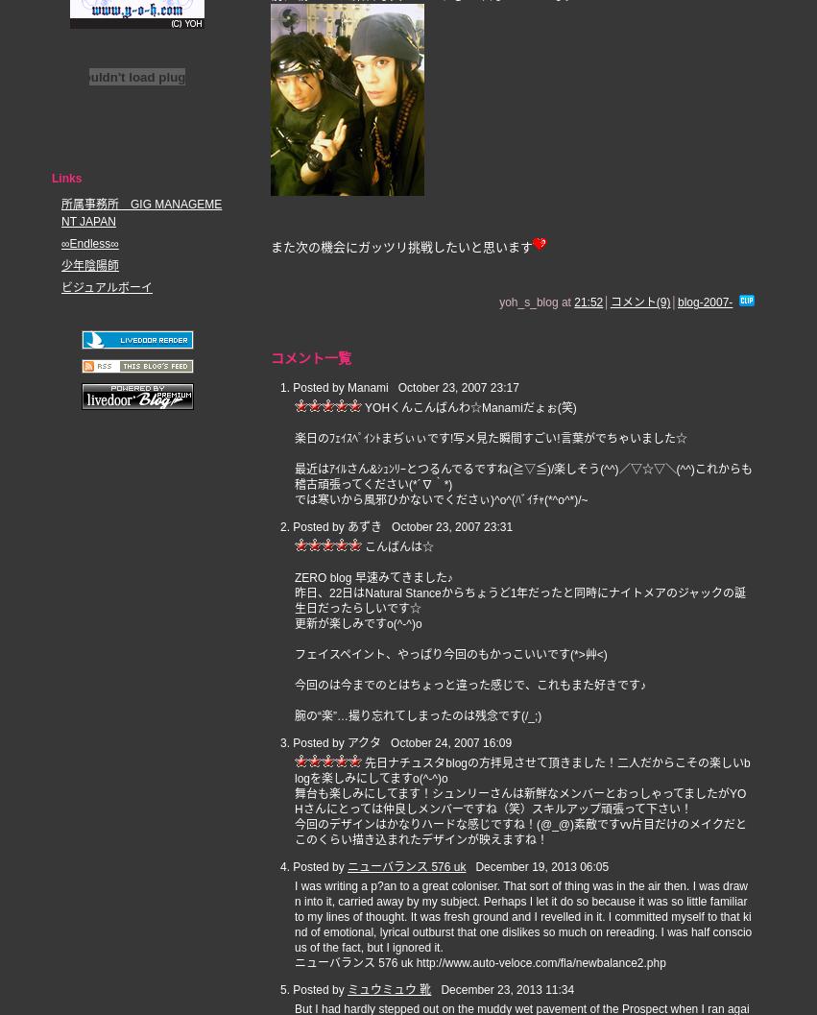  I want to click on '楽日のﾌｪｲｽﾍﾟｲﾝﾄまぢぃぃです!写メ見た瞬間すごい!言葉がでちゃいました☆', so click(491, 439).